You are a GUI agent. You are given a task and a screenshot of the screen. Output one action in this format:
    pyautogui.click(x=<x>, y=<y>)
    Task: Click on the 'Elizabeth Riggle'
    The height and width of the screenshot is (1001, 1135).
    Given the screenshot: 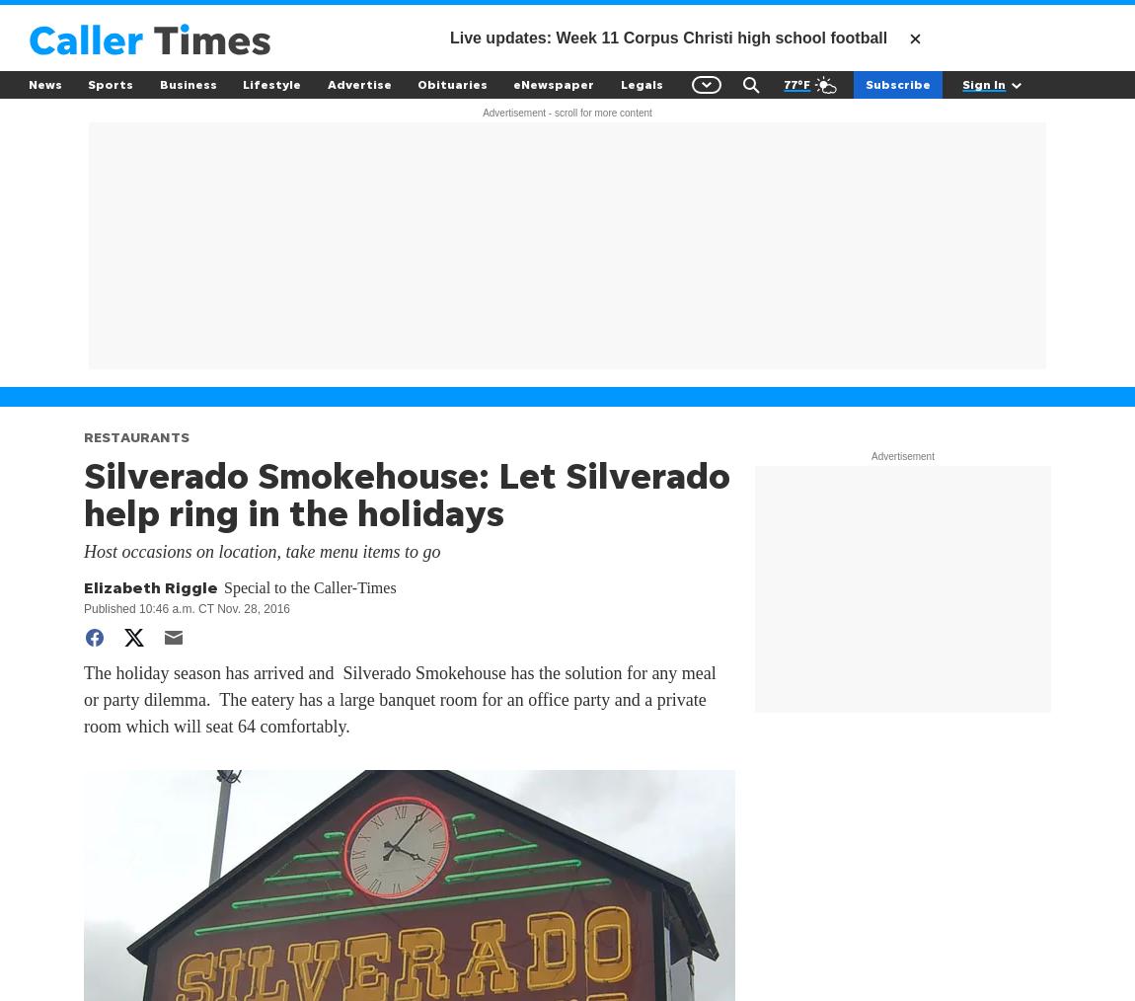 What is the action you would take?
    pyautogui.click(x=149, y=587)
    